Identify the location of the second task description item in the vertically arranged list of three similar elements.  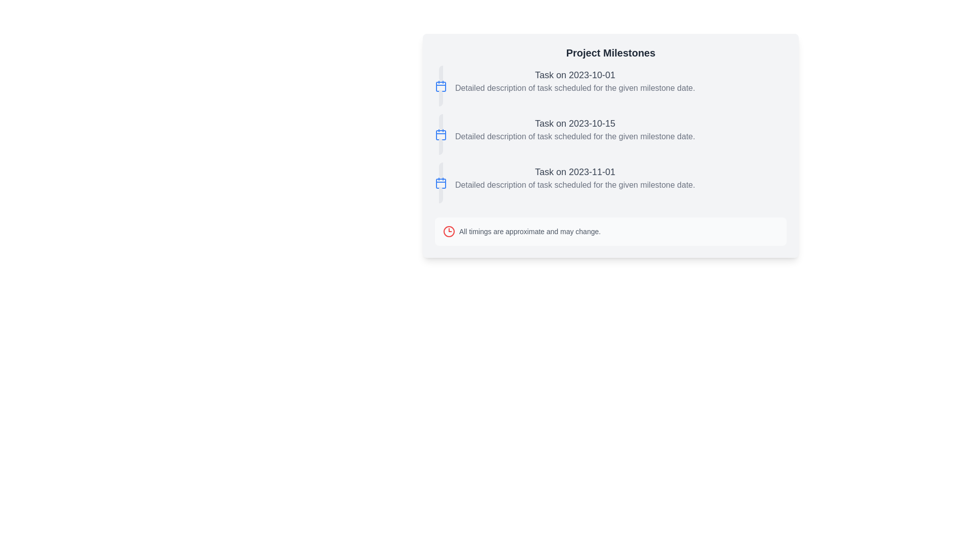
(575, 129).